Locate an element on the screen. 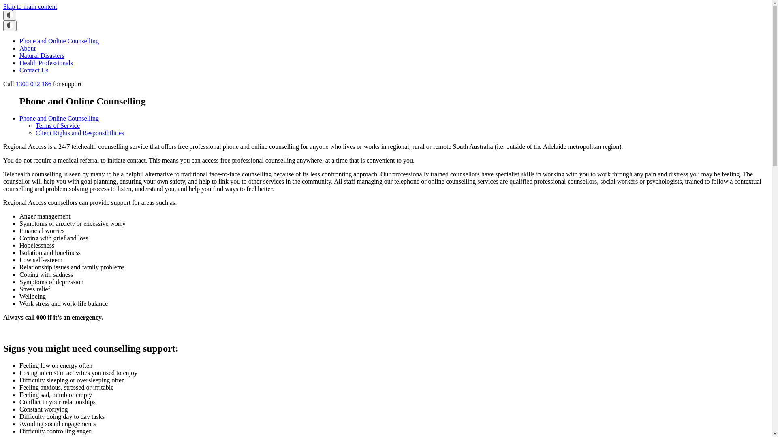  'Natural Disasters' is located at coordinates (19, 55).